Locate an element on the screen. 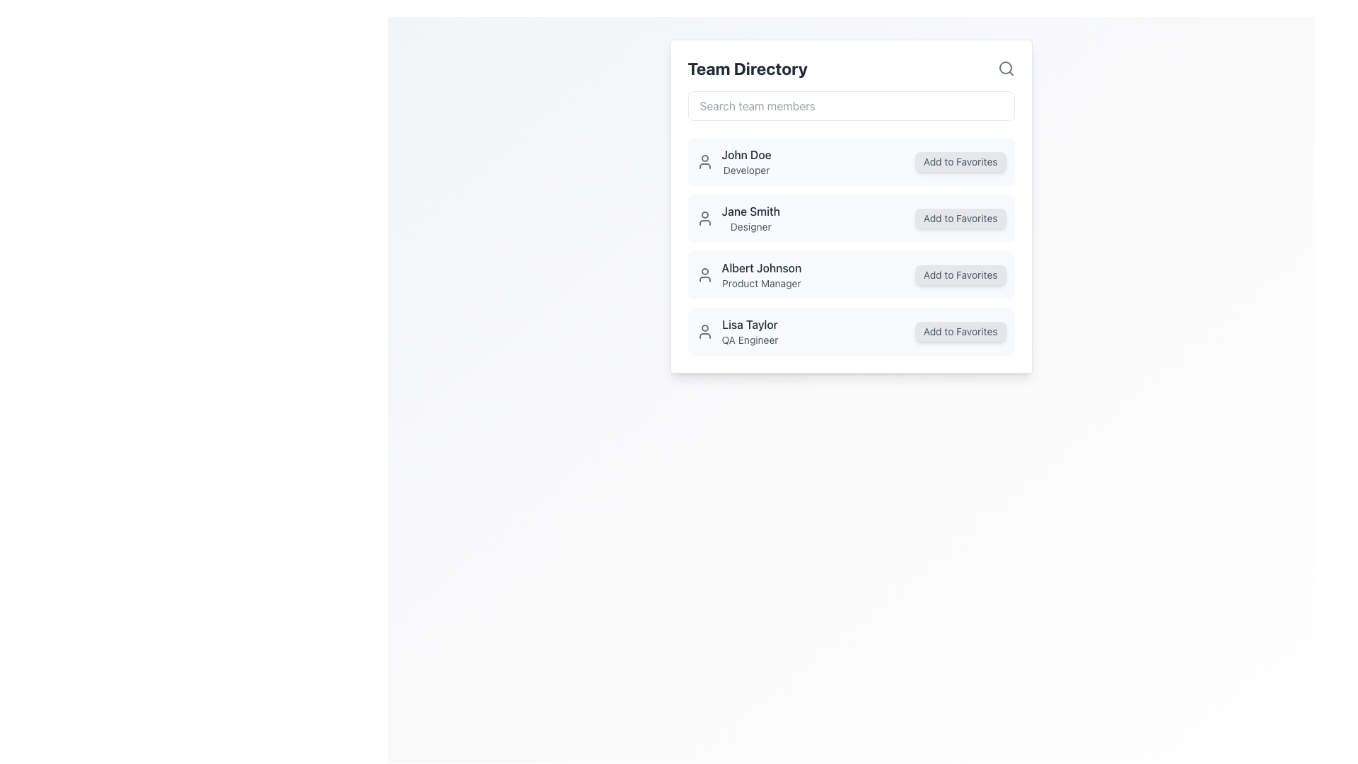 The width and height of the screenshot is (1358, 764). the favorite button associated with 'John Doe Developer' is located at coordinates (961, 161).